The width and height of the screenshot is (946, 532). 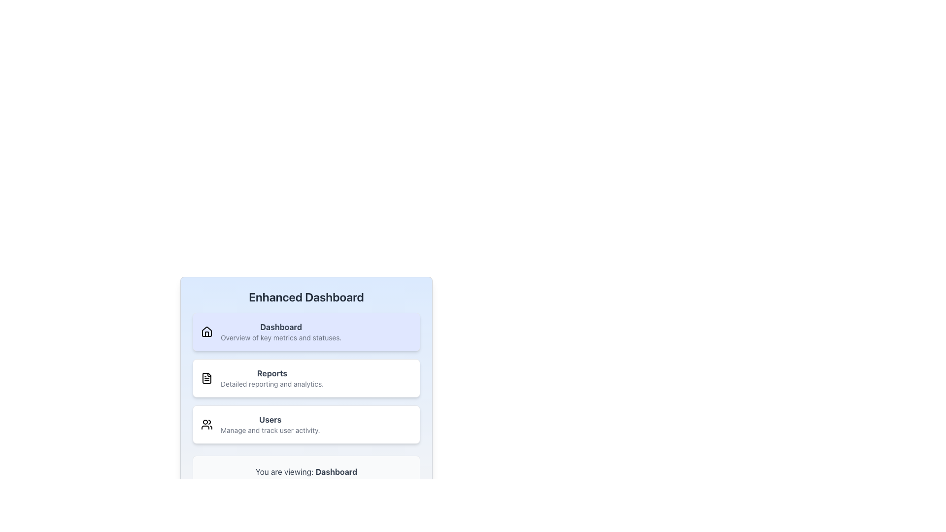 What do you see at coordinates (280, 332) in the screenshot?
I see `text content displayed in the Text Display Area titled 'Dashboard' with the description 'Overview of key metrics and statuses.'` at bounding box center [280, 332].